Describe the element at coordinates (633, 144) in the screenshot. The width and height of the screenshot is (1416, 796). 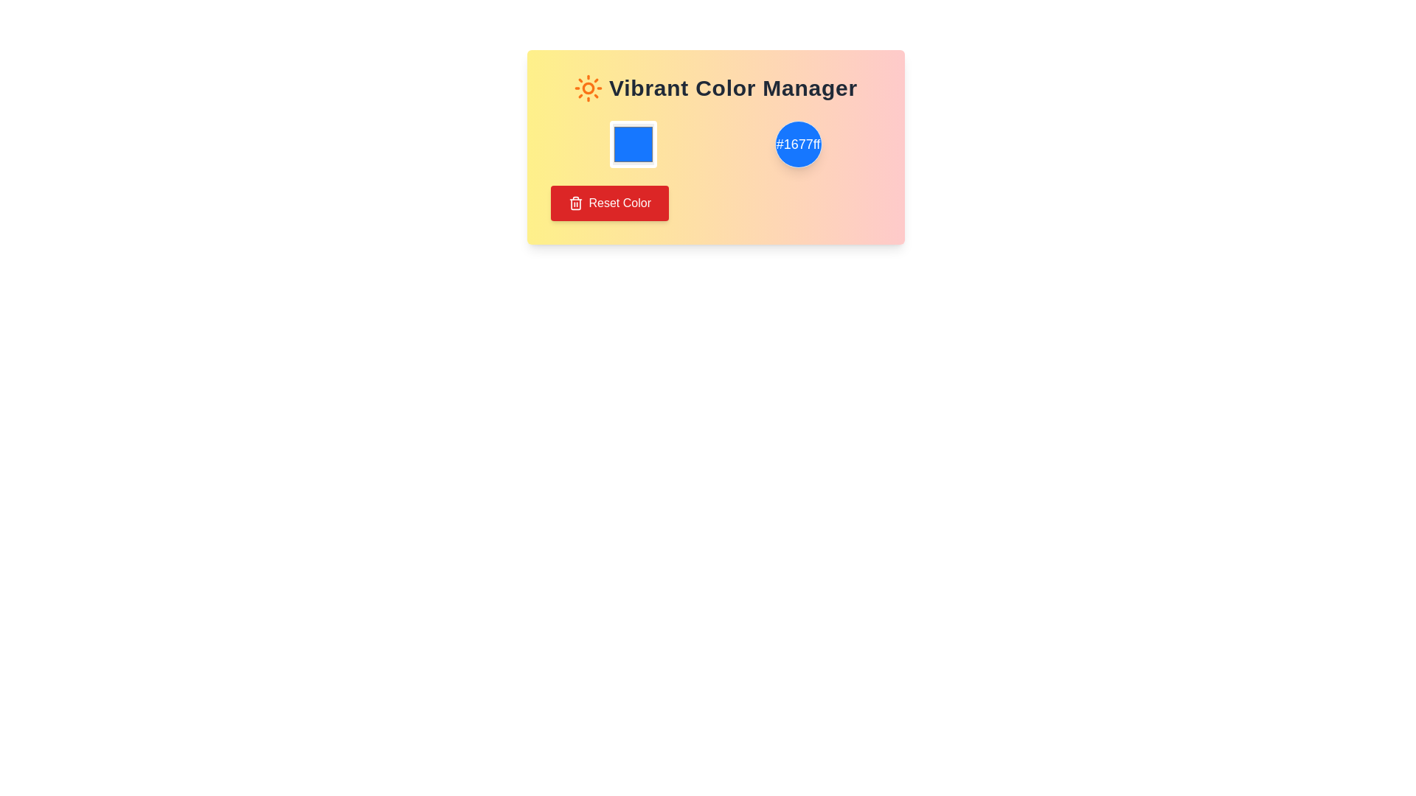
I see `the first square color tile with a blue fill and white border` at that location.